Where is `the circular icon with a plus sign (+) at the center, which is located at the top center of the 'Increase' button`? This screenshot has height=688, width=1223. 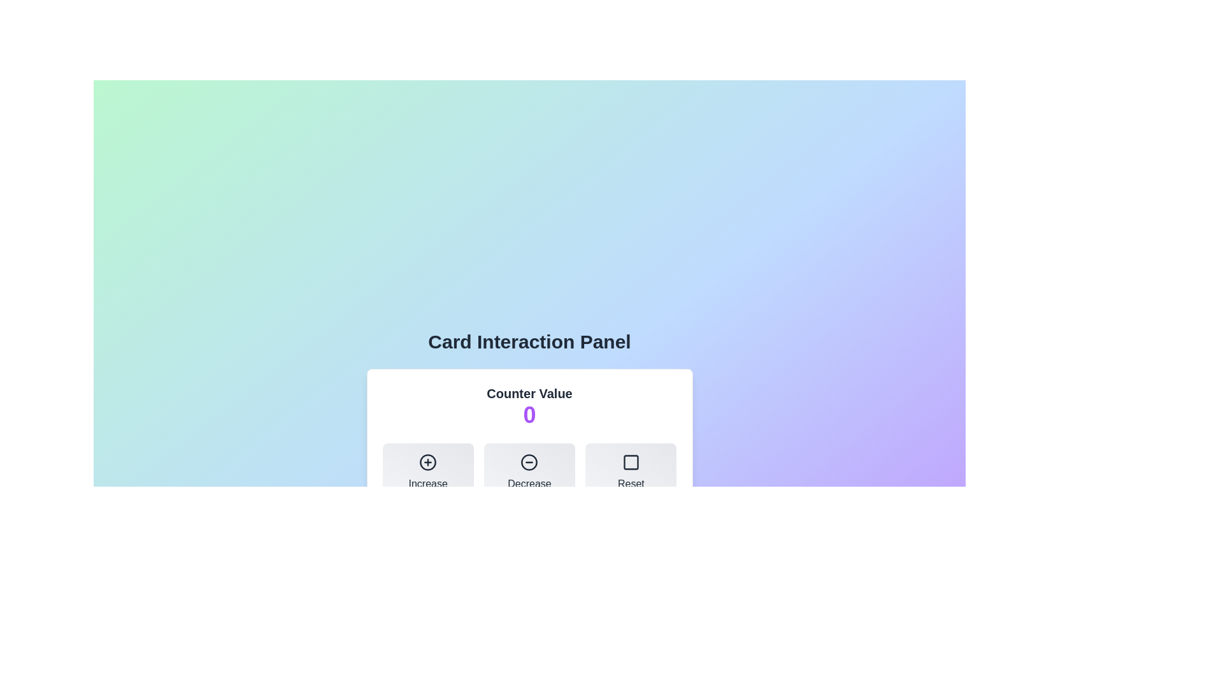 the circular icon with a plus sign (+) at the center, which is located at the top center of the 'Increase' button is located at coordinates (428, 462).